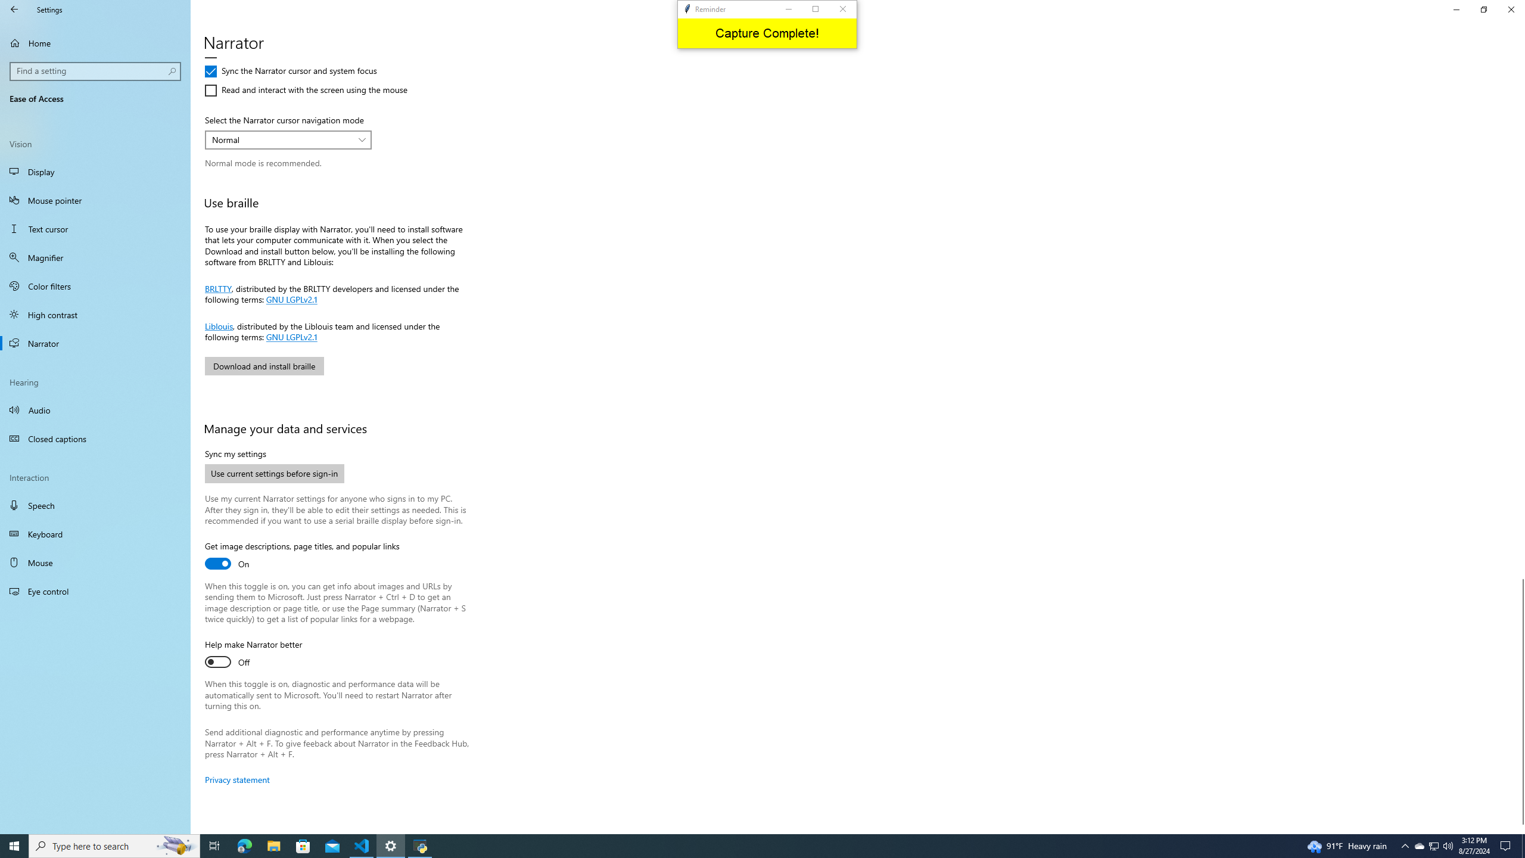  What do you see at coordinates (95, 343) in the screenshot?
I see `'Narrator'` at bounding box center [95, 343].